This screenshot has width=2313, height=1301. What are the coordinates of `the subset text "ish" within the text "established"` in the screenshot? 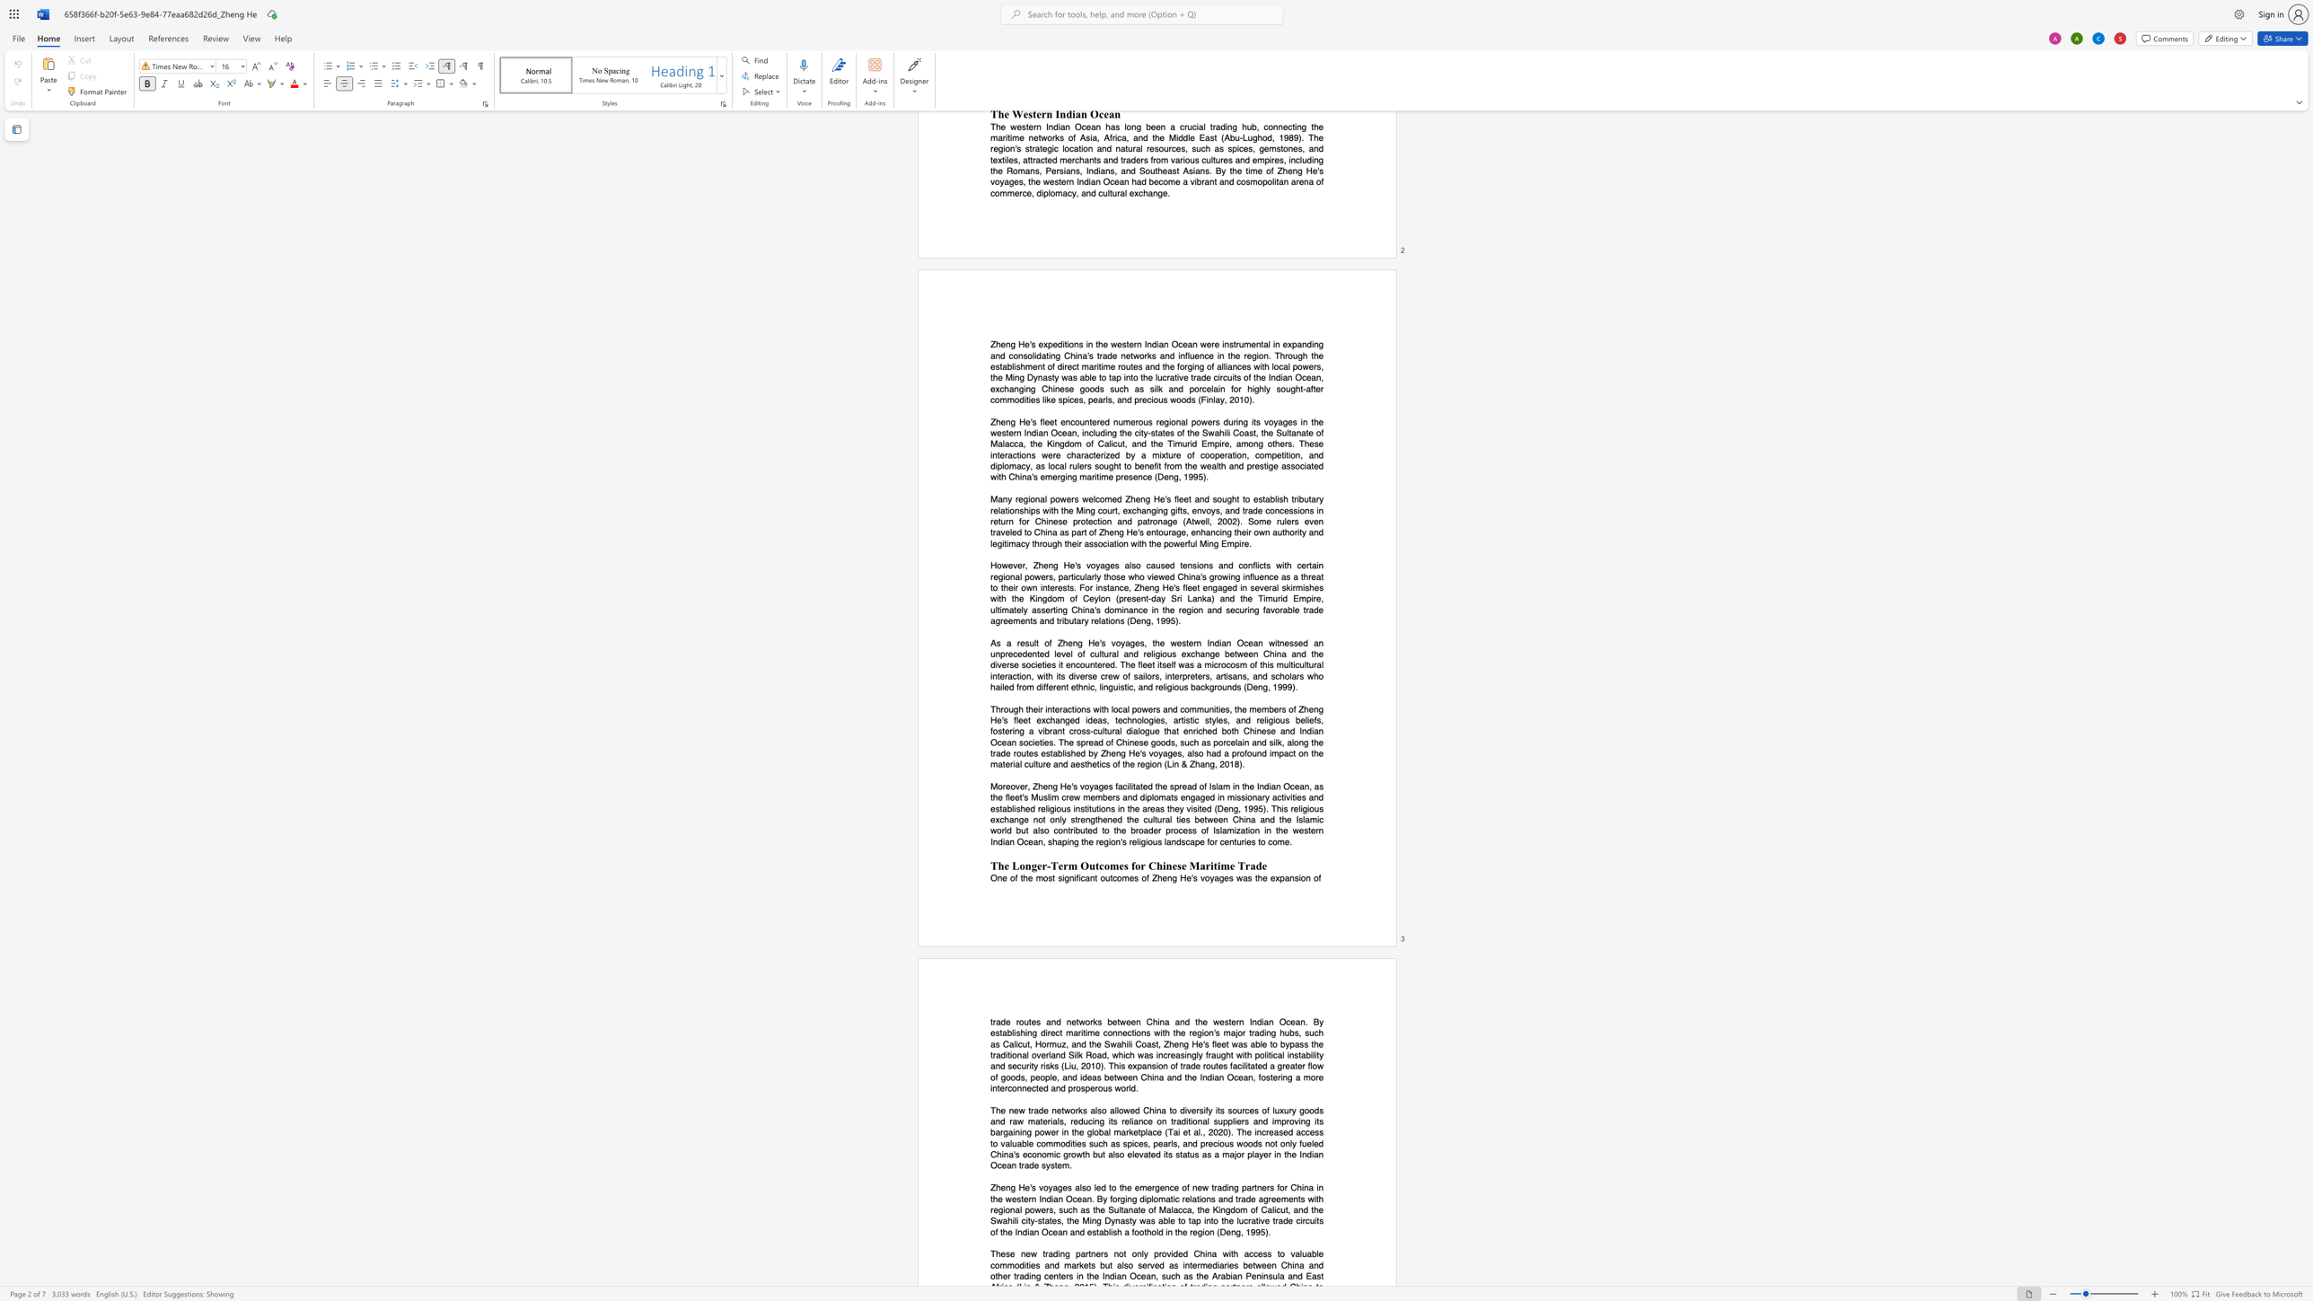 It's located at (1064, 753).